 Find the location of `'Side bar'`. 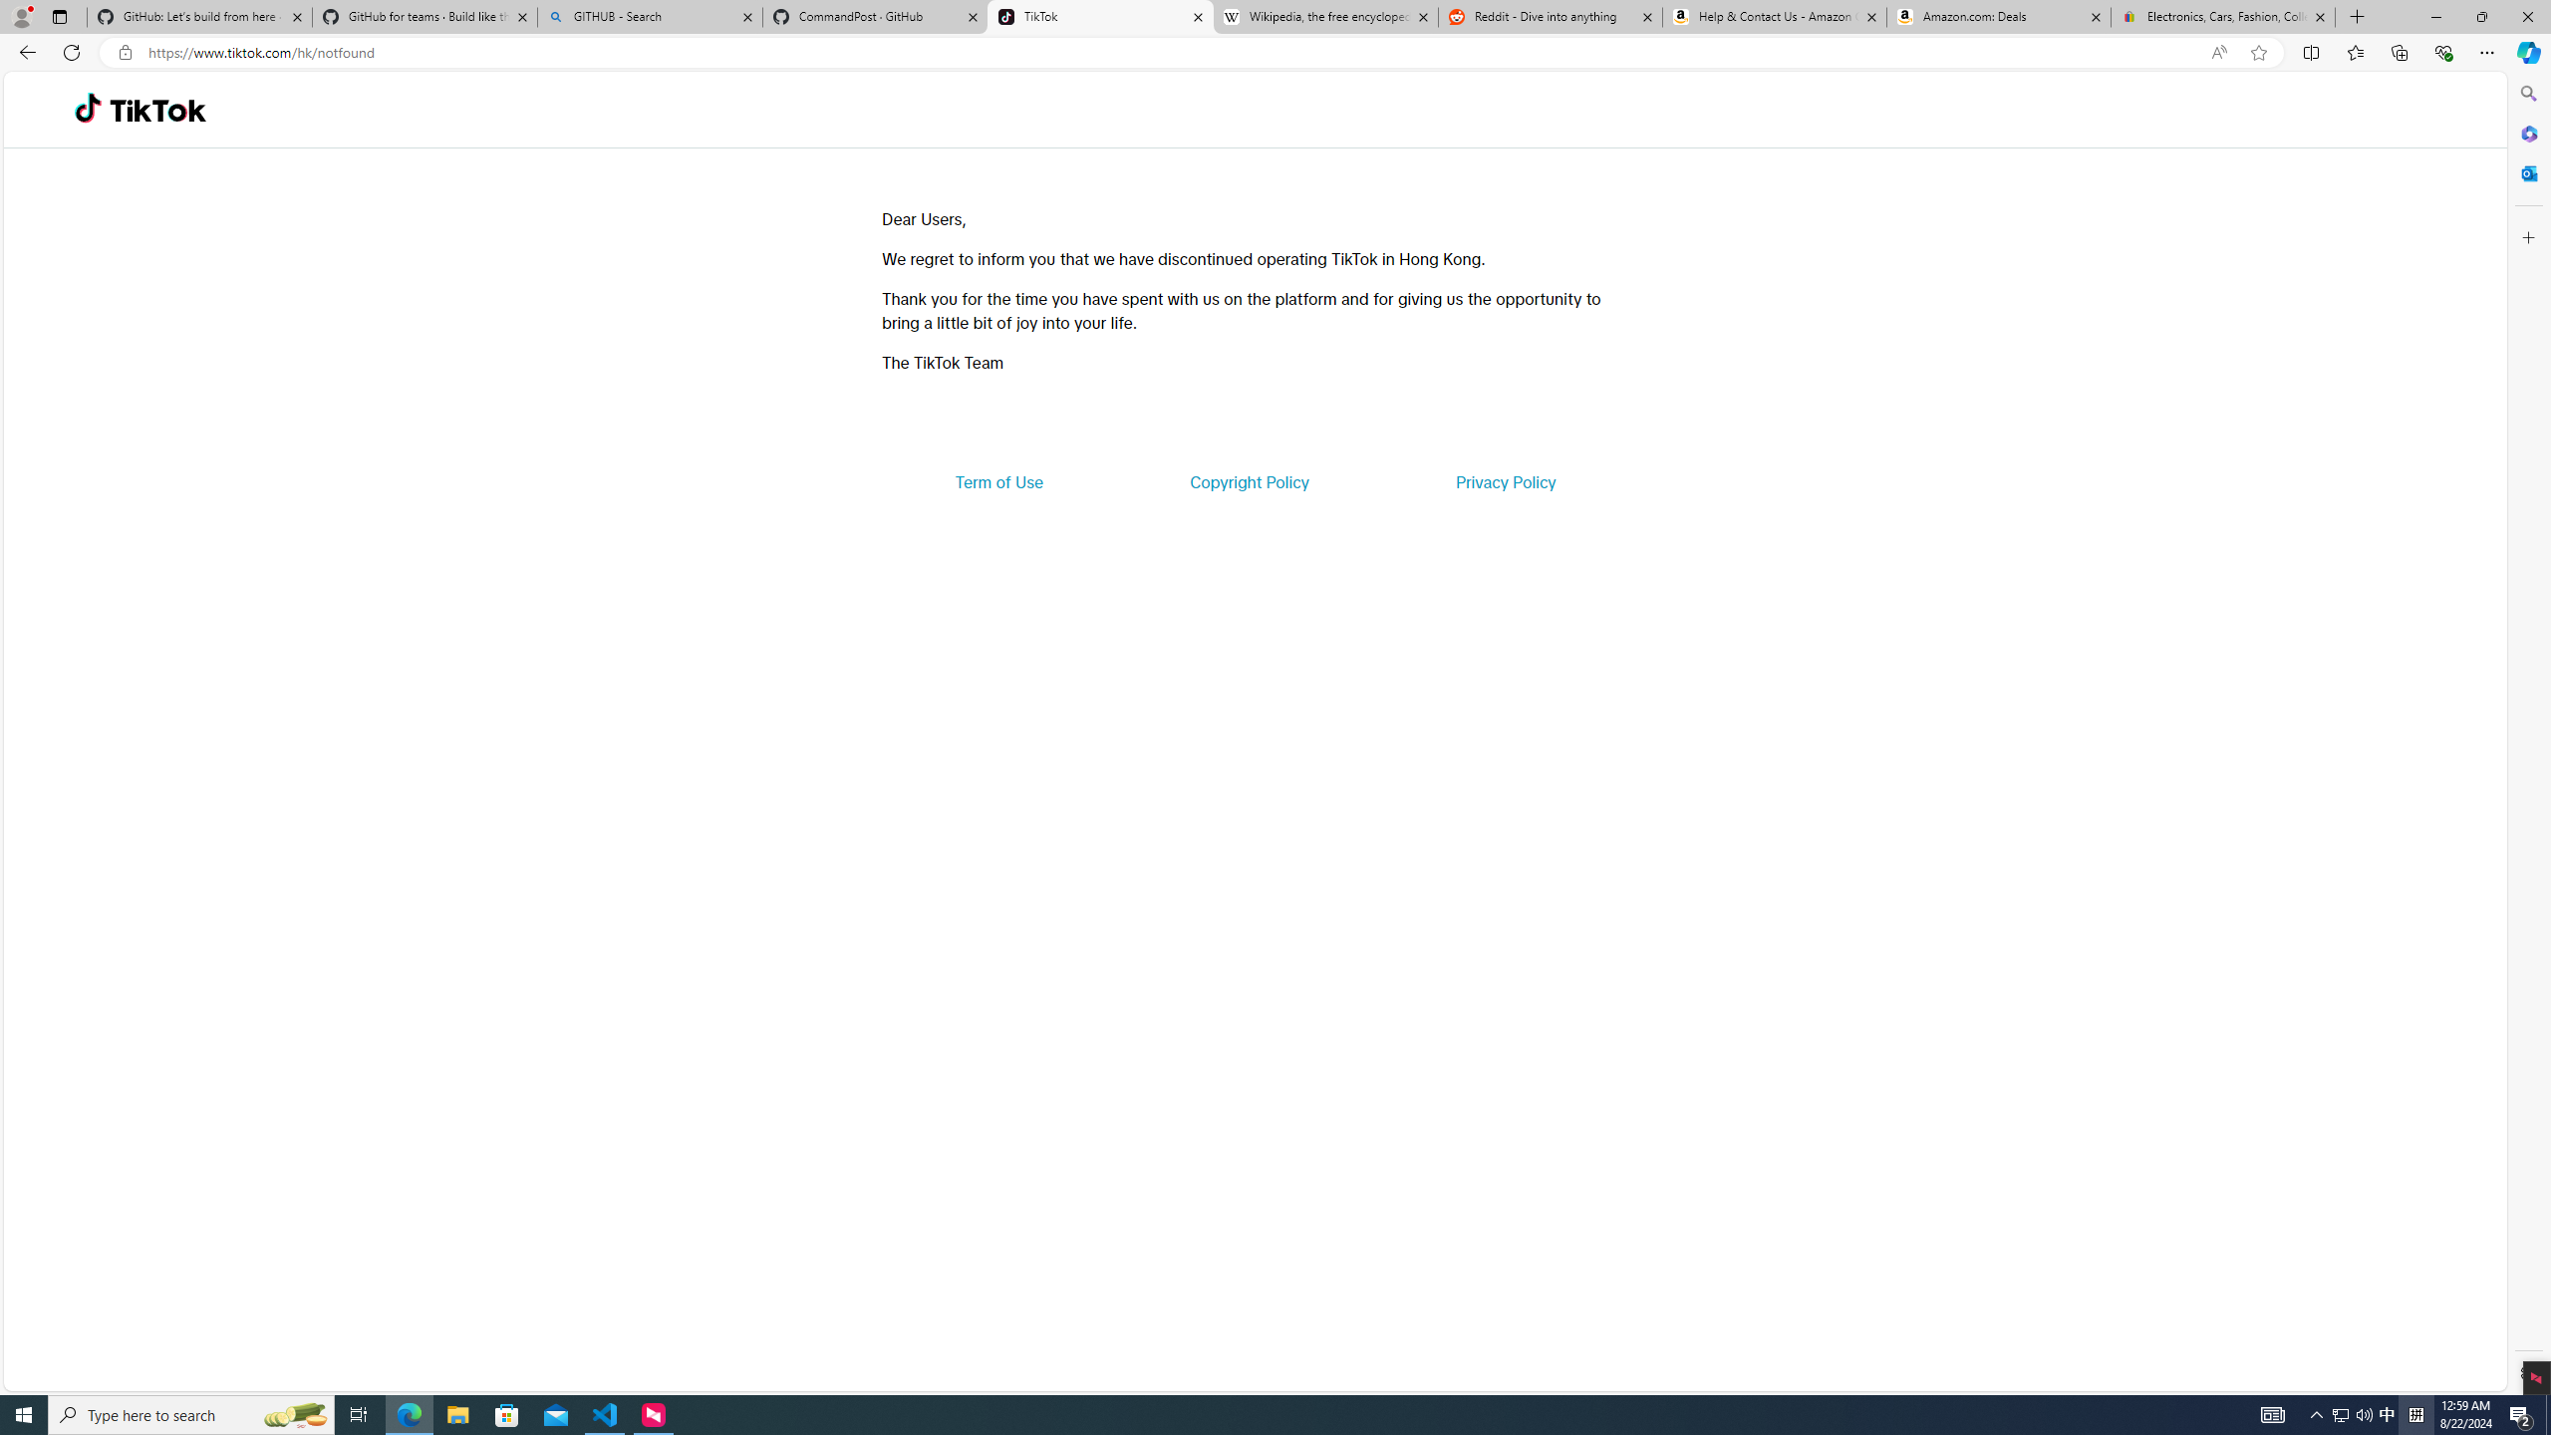

'Side bar' is located at coordinates (2528, 732).